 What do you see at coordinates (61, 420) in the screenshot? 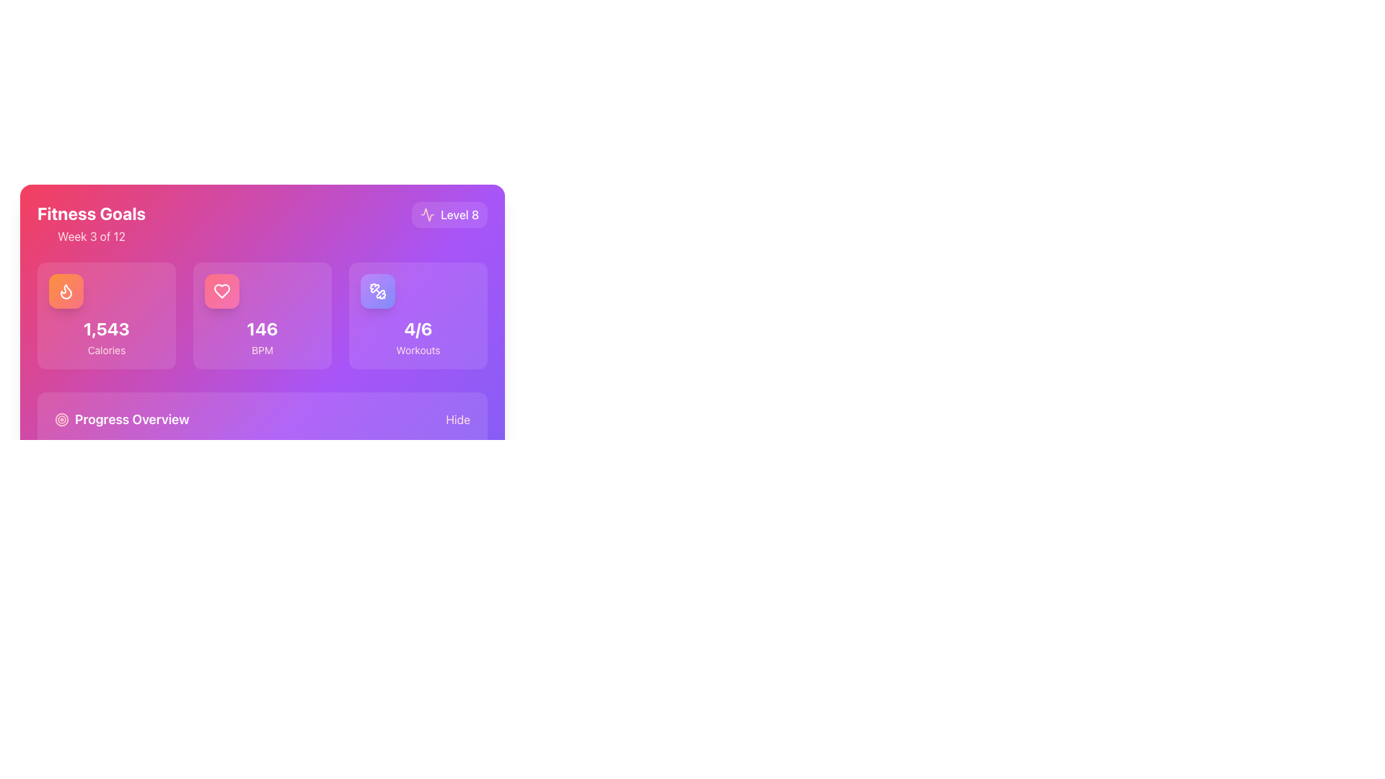
I see `the icon located to the left of the text 'Progress Overview' in the lower section of the card interface` at bounding box center [61, 420].